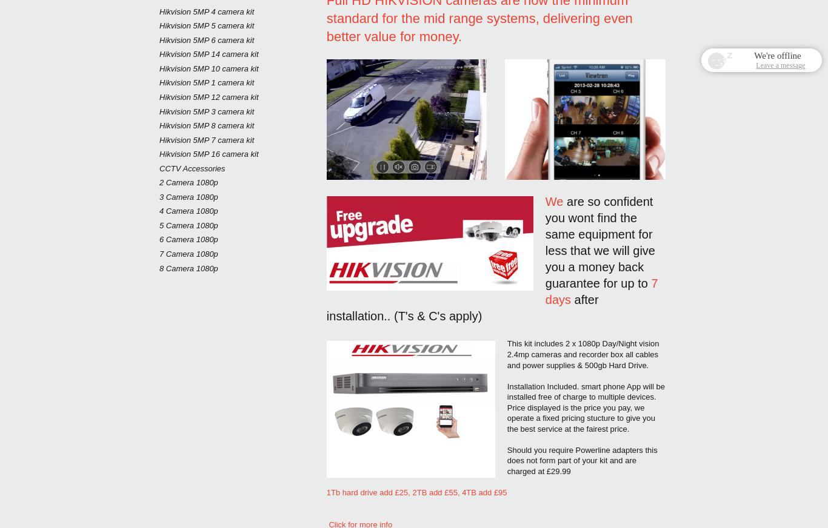  I want to click on 'CCTV Accessories', so click(192, 167).